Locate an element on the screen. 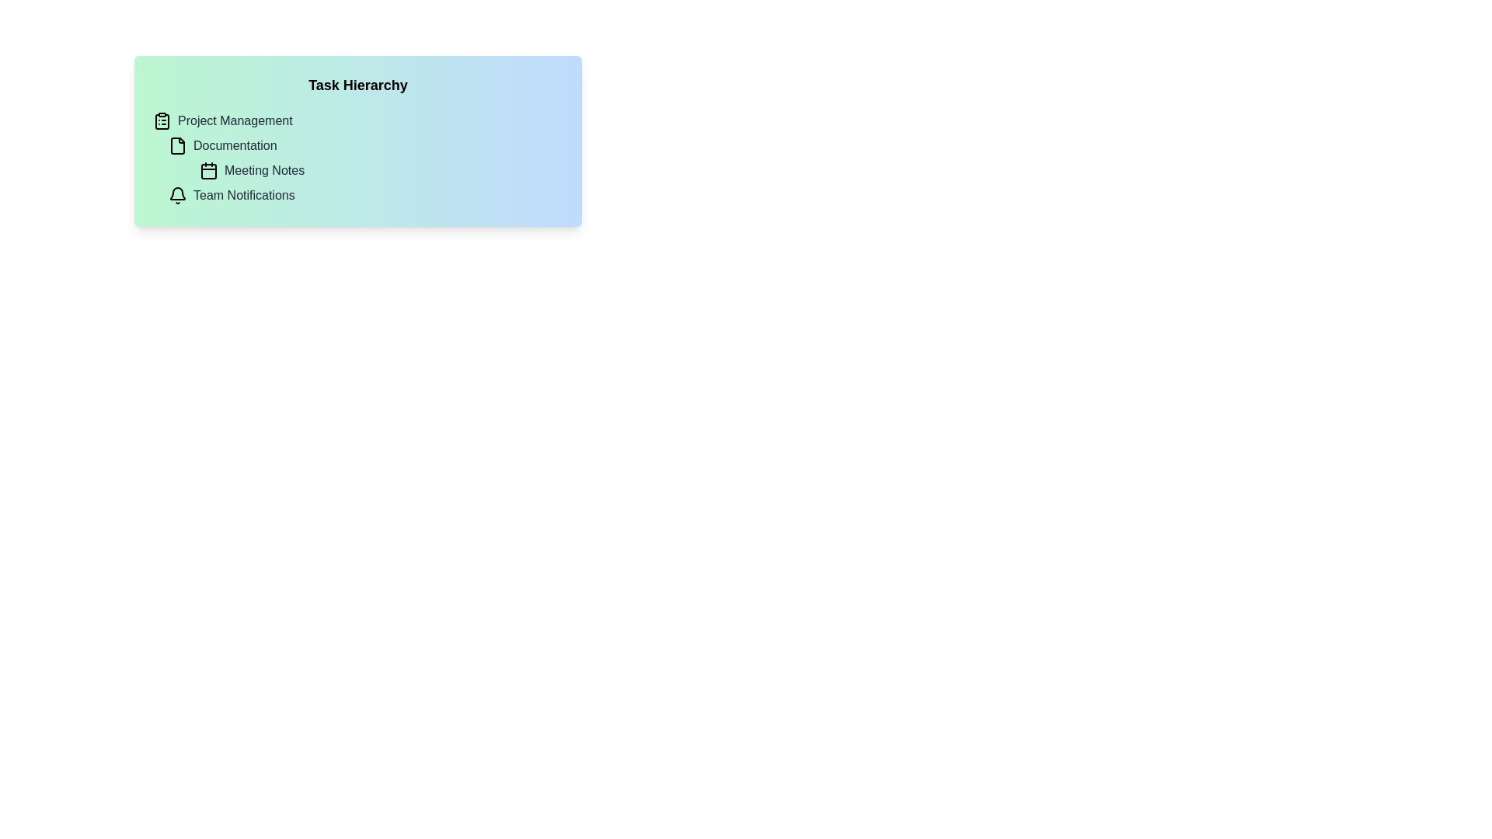 This screenshot has width=1492, height=839. the text label 'Meeting Notes' which is styled with a medium font weight and gray color, located under the 'Task Hierarchy' section, between 'Documentation' and 'Team Notifications' is located at coordinates (264, 170).